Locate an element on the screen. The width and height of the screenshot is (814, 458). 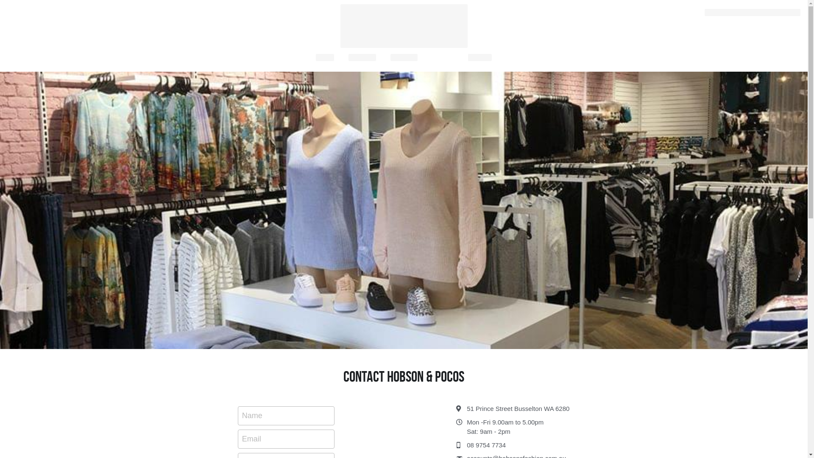
'About Us' is located at coordinates (362, 57).